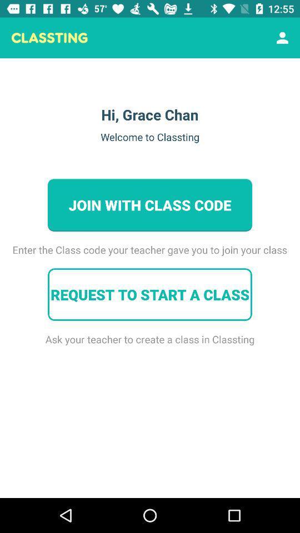  I want to click on the icon above the enter the class icon, so click(282, 38).